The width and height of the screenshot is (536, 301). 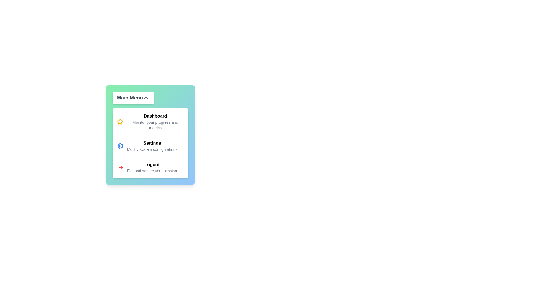 I want to click on the menu item Logout to interact with it, so click(x=150, y=167).